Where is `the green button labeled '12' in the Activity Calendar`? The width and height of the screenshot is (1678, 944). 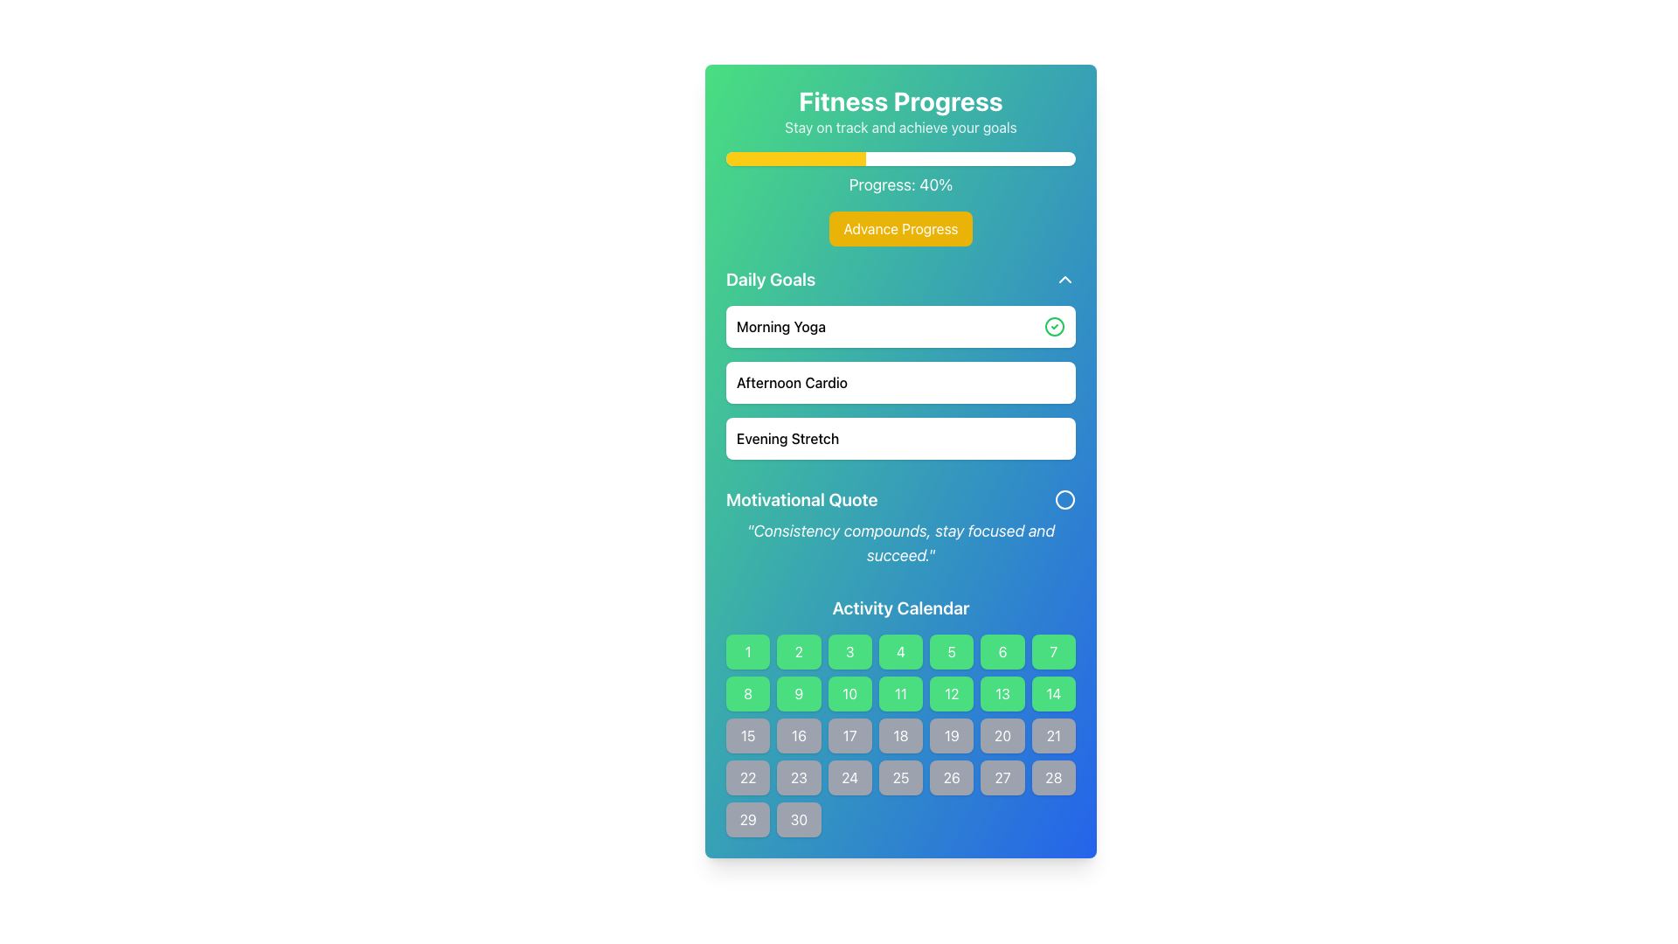
the green button labeled '12' in the Activity Calendar is located at coordinates (951, 693).